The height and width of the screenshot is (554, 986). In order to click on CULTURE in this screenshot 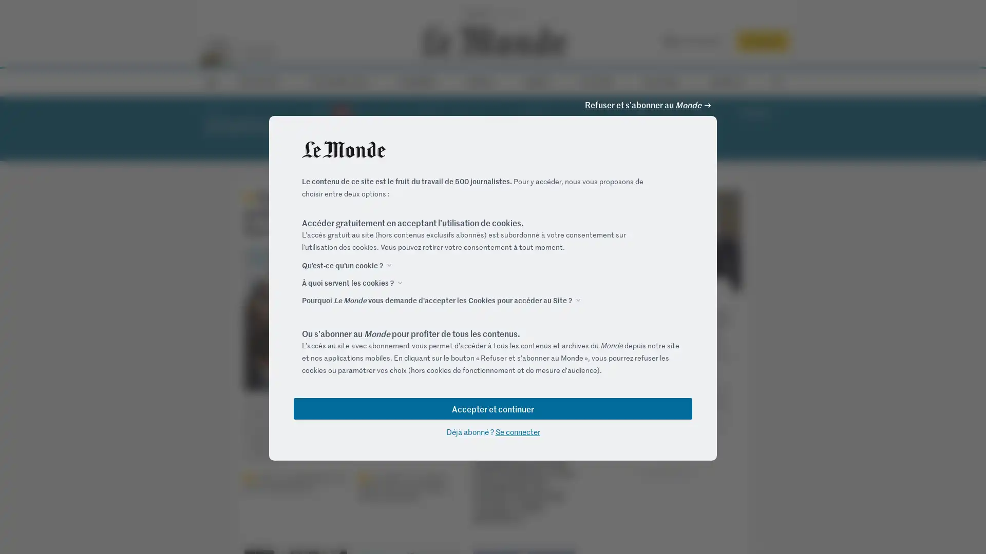, I will do `click(601, 81)`.